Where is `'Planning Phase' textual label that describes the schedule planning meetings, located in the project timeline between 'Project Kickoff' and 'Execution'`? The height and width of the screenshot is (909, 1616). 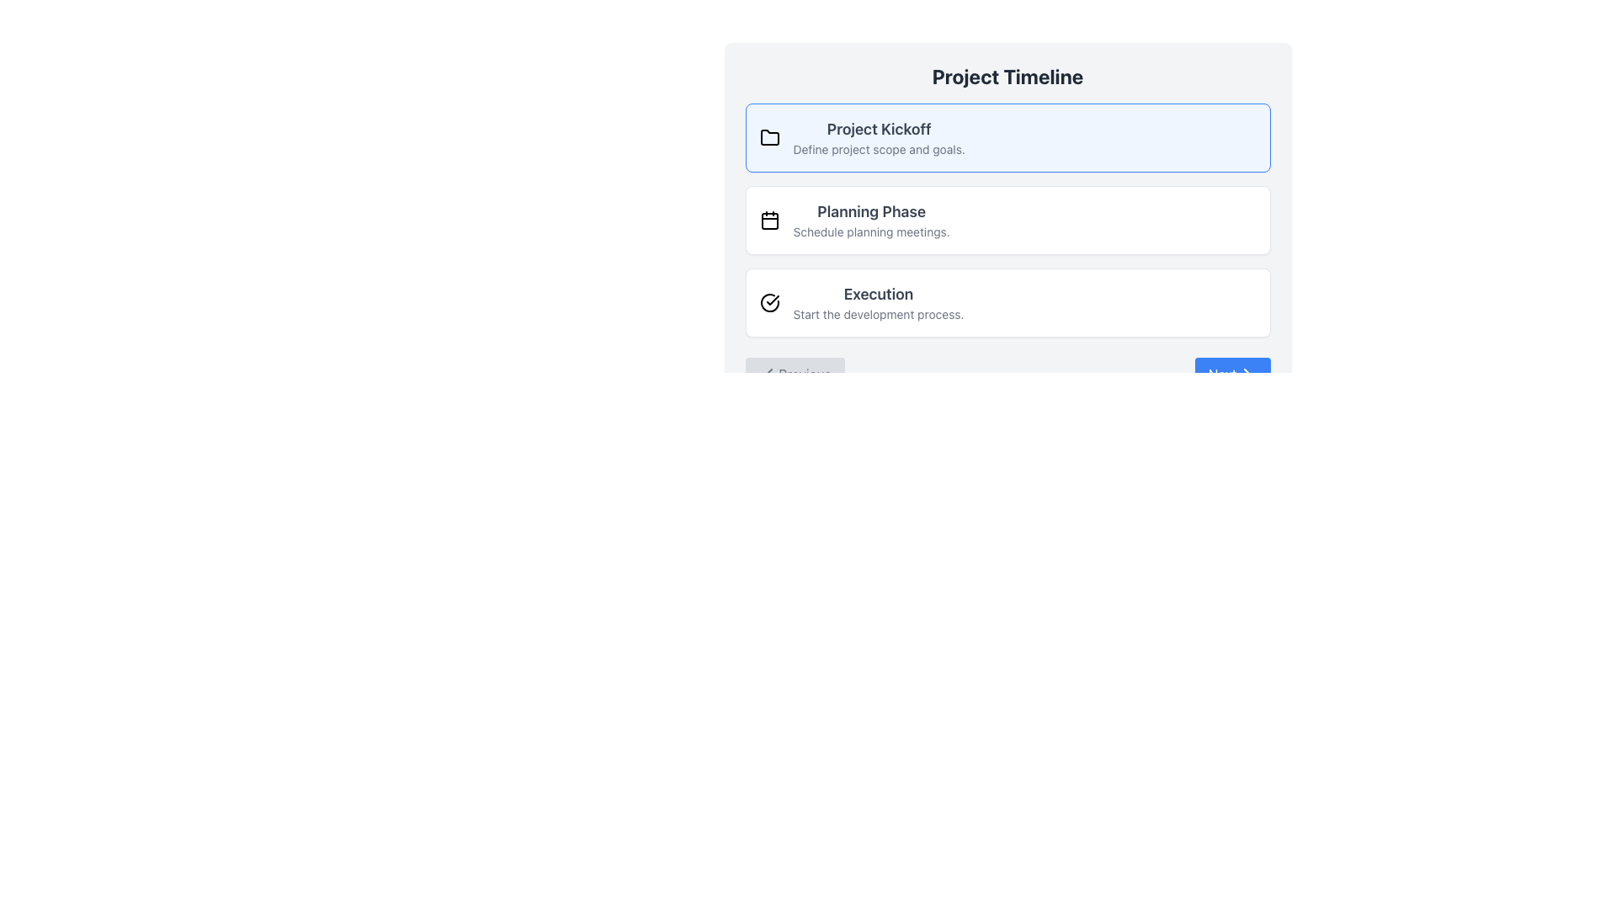
'Planning Phase' textual label that describes the schedule planning meetings, located in the project timeline between 'Project Kickoff' and 'Execution' is located at coordinates (871, 220).